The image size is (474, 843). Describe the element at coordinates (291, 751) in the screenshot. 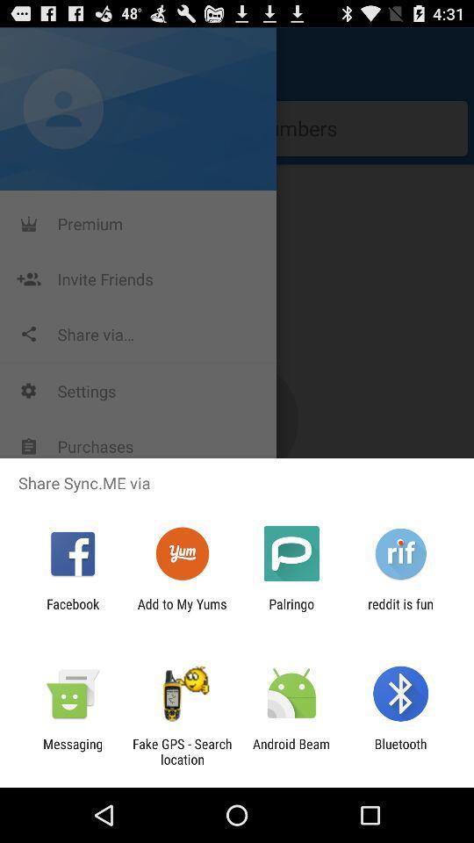

I see `the android beam item` at that location.